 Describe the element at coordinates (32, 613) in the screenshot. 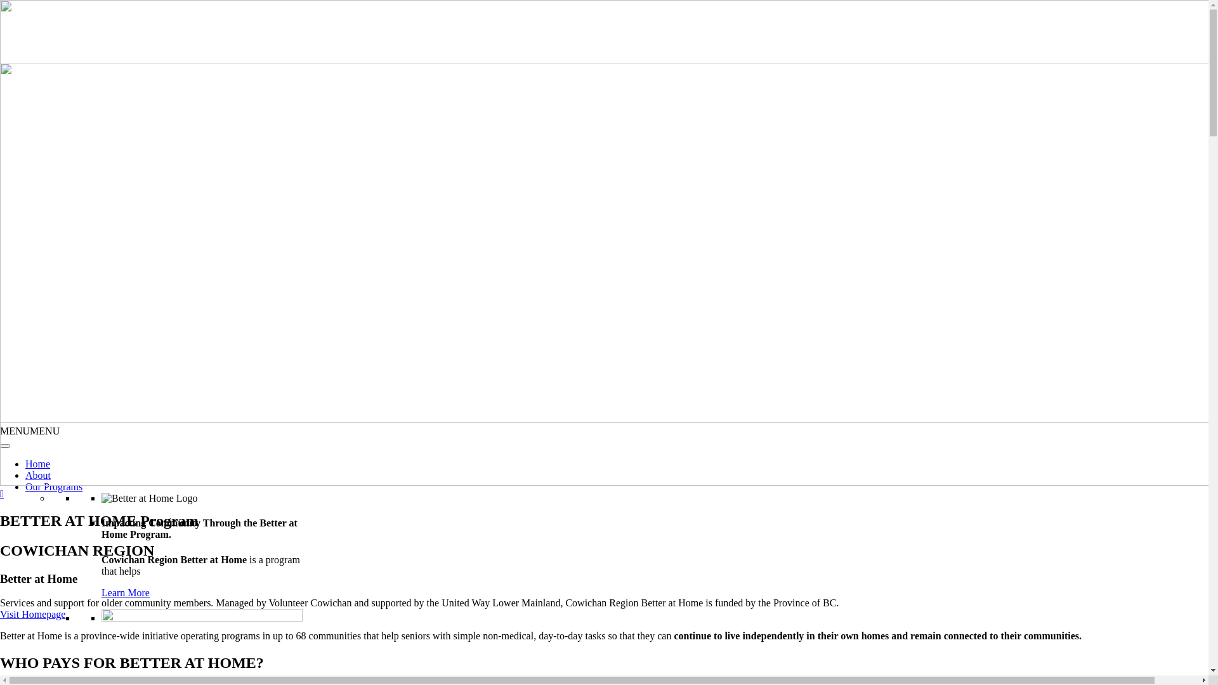

I see `'Visit Homepage'` at that location.